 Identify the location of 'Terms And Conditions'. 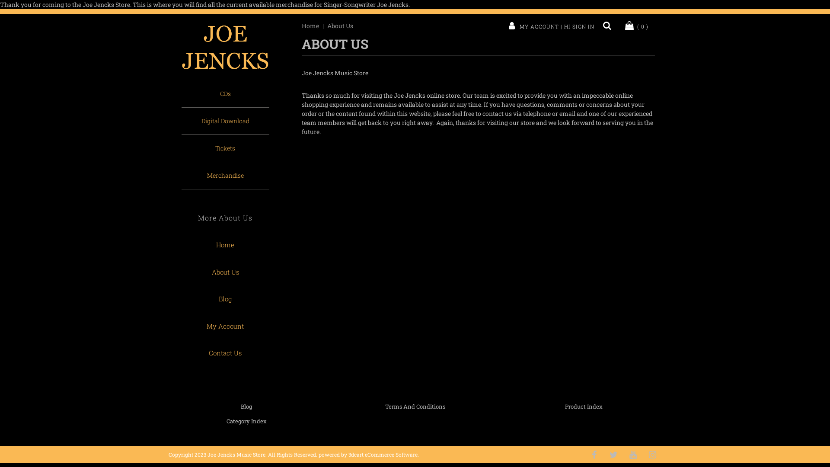
(414, 406).